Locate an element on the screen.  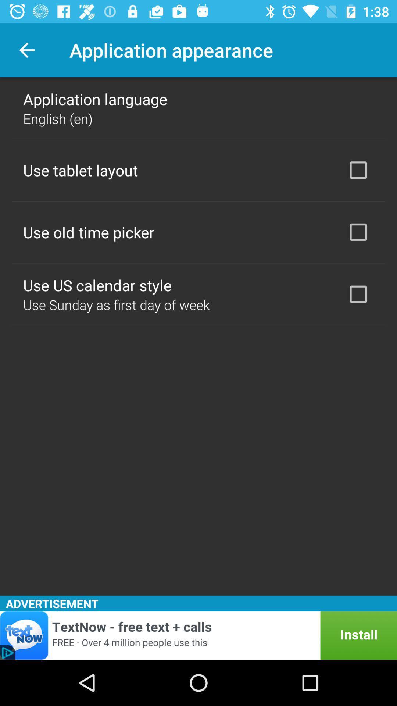
us calendar style is located at coordinates (358, 294).